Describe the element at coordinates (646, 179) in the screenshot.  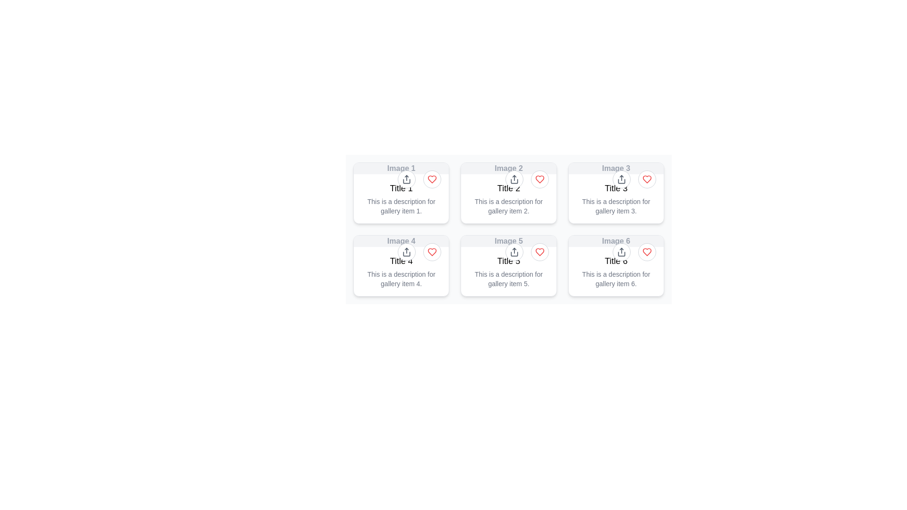
I see `the circular 'like' button with a red heart icon located in the top-right corner of the card labeled 'Title 3' to express liking for the content` at that location.